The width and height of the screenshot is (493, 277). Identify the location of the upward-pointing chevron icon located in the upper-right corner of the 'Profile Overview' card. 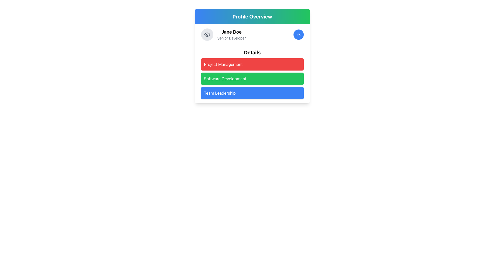
(298, 35).